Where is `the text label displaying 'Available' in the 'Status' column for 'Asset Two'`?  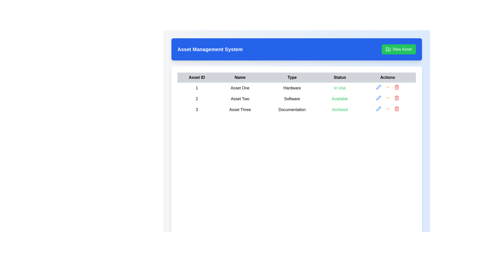 the text label displaying 'Available' in the 'Status' column for 'Asset Two' is located at coordinates (340, 99).